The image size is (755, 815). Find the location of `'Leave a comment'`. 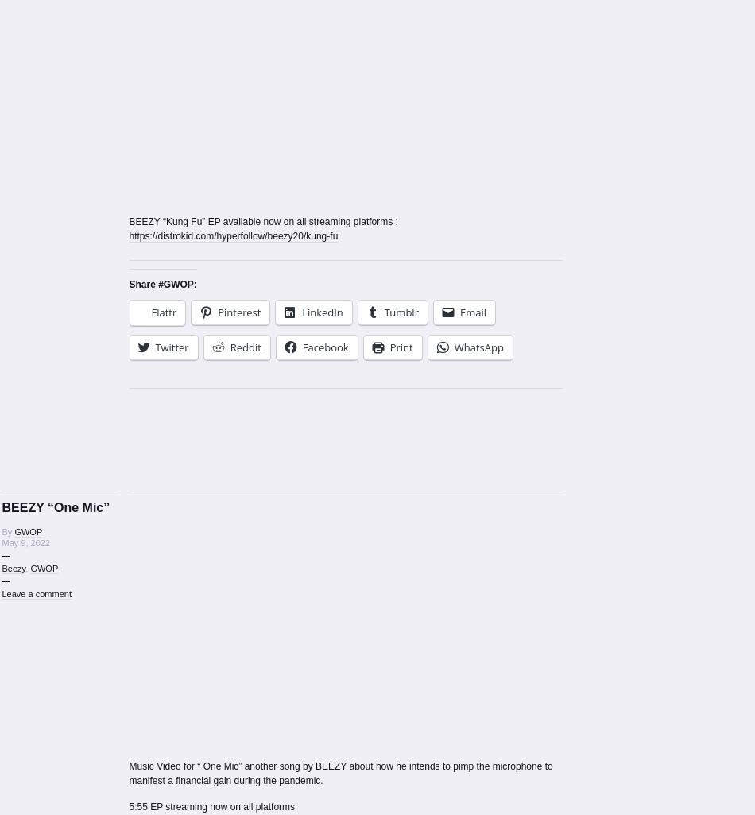

'Leave a comment' is located at coordinates (36, 592).